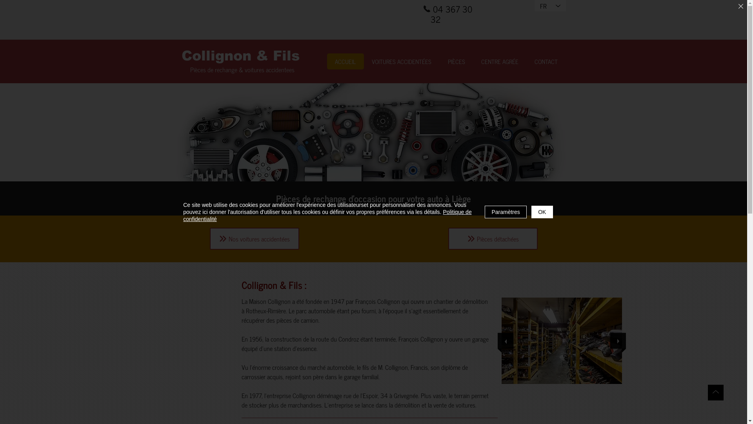 This screenshot has height=424, width=753. Describe the element at coordinates (451, 14) in the screenshot. I see `' 04 367 30 32'` at that location.